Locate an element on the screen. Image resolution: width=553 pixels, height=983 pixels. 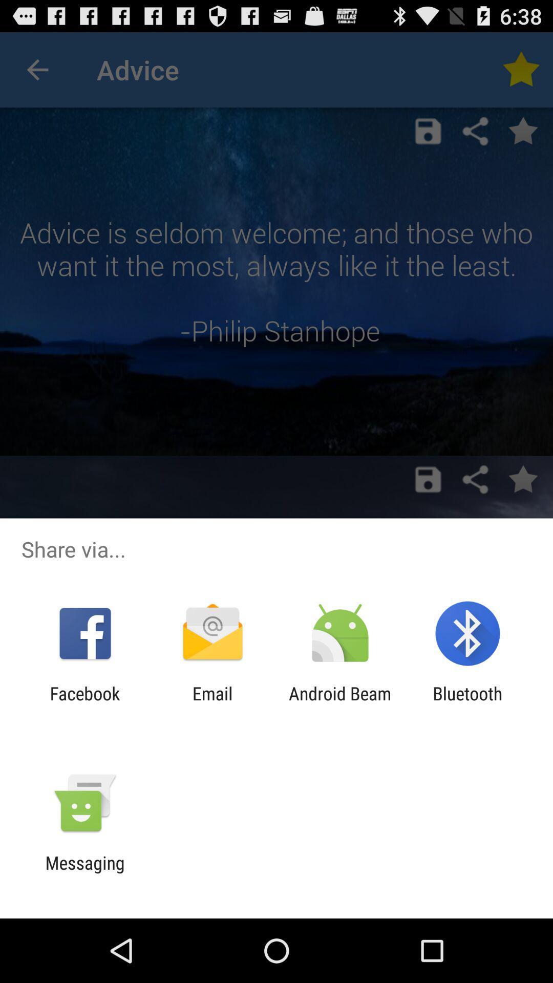
the item to the left of email icon is located at coordinates (84, 703).